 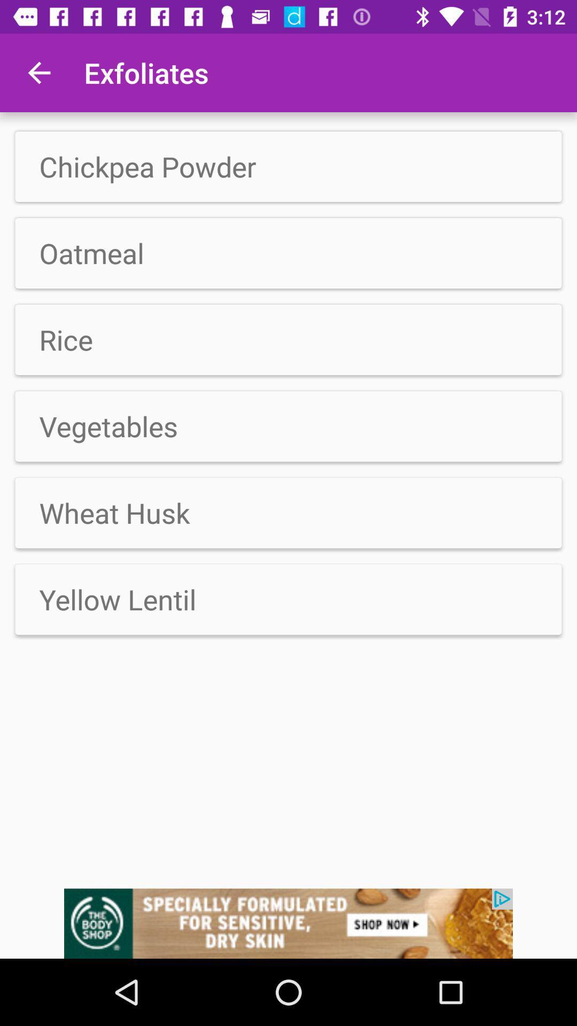 I want to click on the button below rice, so click(x=288, y=339).